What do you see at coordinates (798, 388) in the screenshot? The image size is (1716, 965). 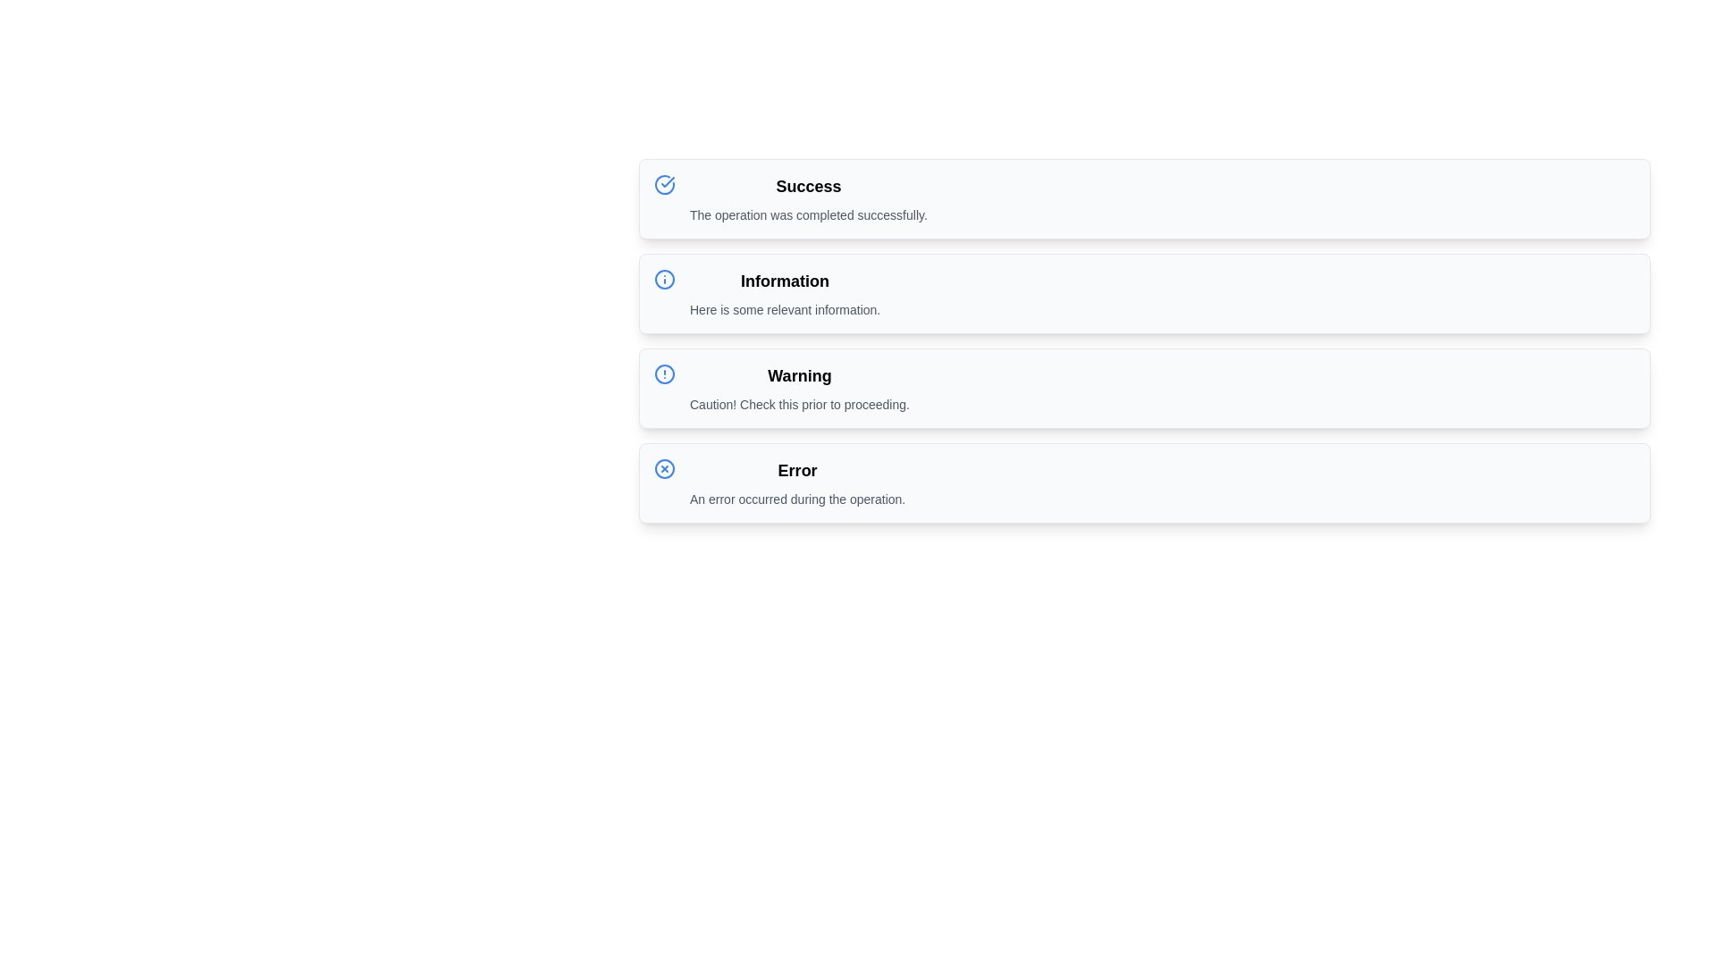 I see `text from the informational box titled 'Warning' that contains the message 'Caution! Check this prior to proceeding.'` at bounding box center [798, 388].